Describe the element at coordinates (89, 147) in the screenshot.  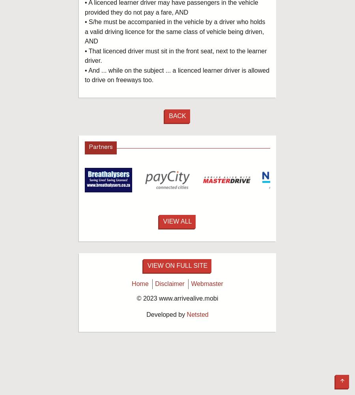
I see `'Partners'` at that location.